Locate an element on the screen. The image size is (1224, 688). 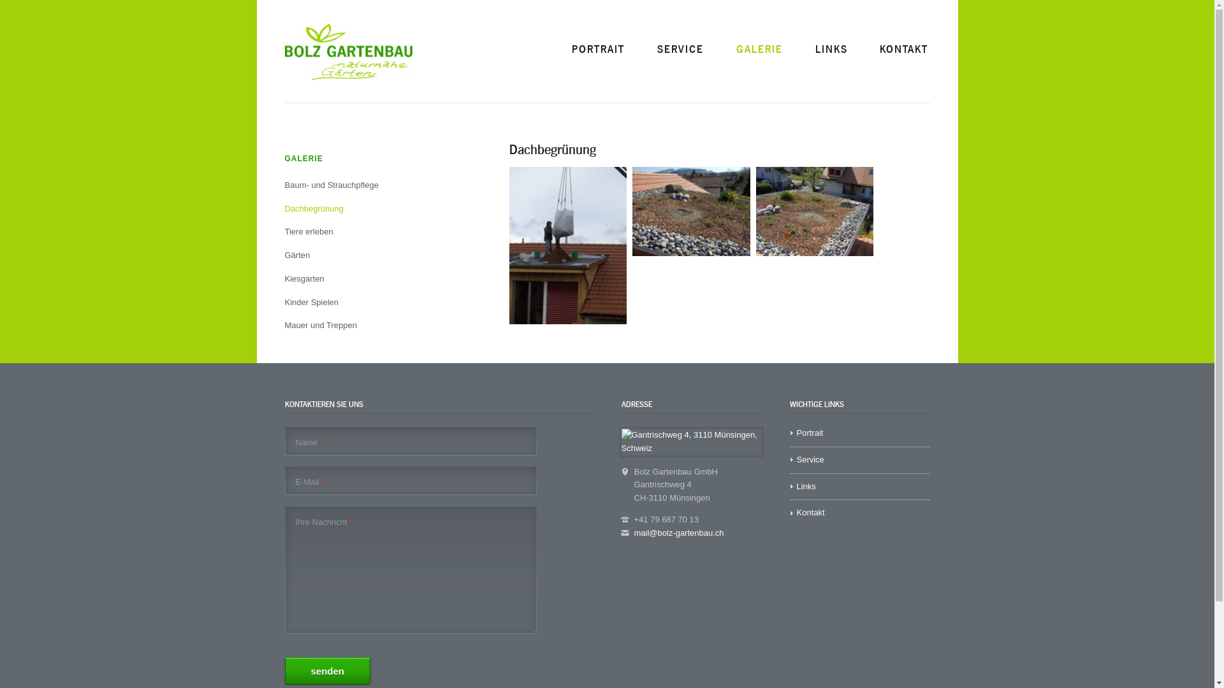
'Kontakt' is located at coordinates (859, 512).